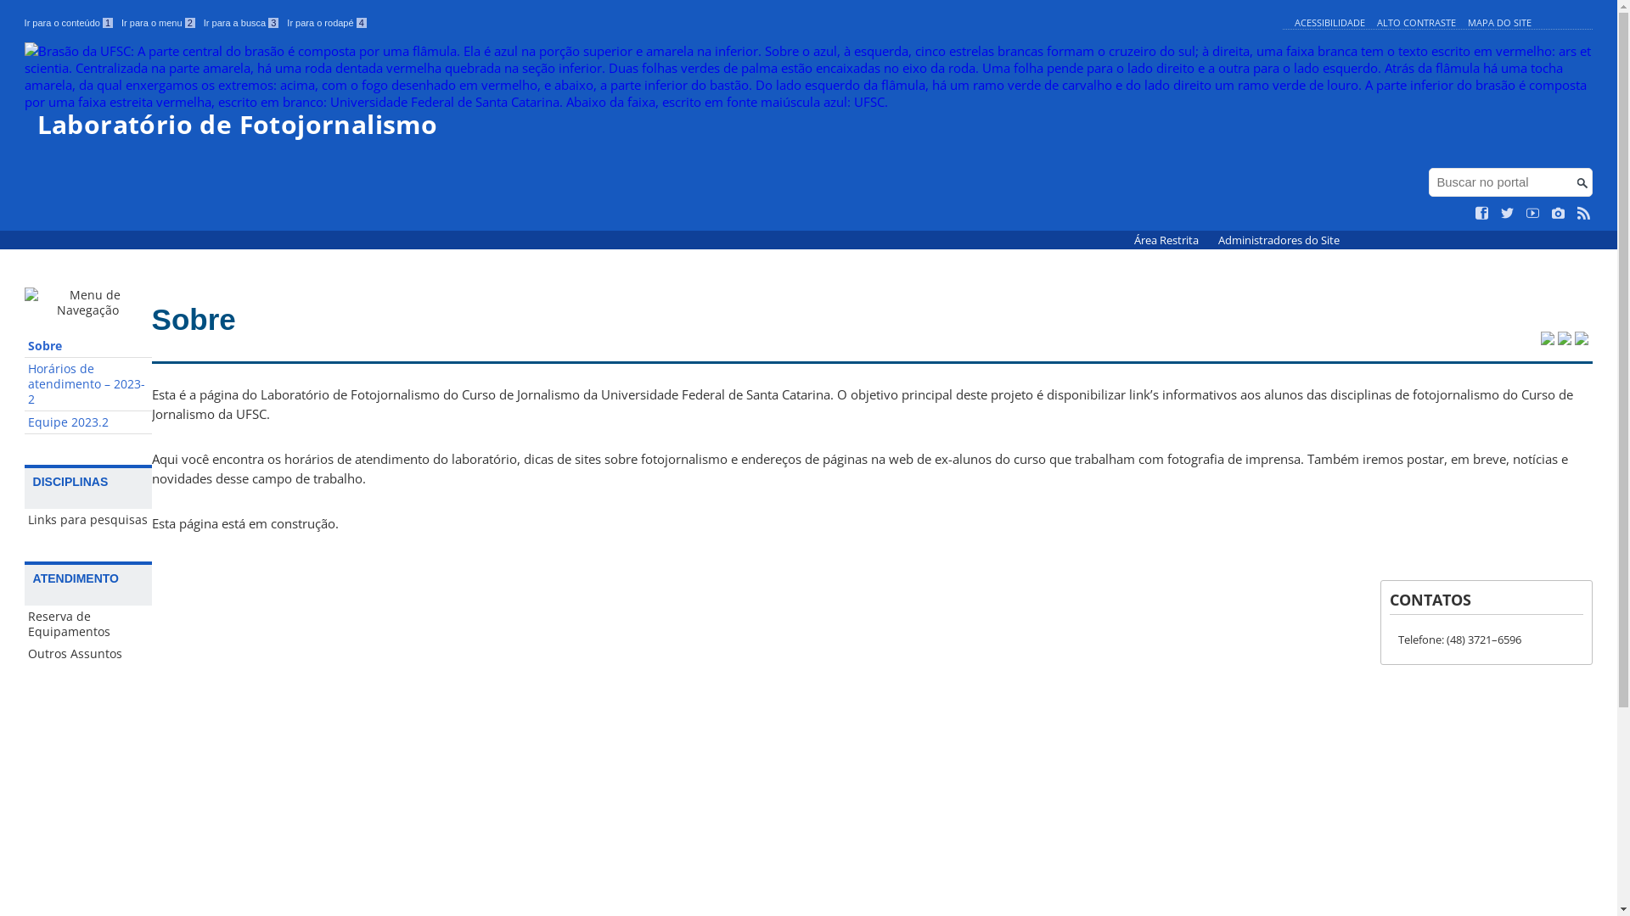 The height and width of the screenshot is (916, 1630). I want to click on 'Curta no Facebook', so click(1481, 212).